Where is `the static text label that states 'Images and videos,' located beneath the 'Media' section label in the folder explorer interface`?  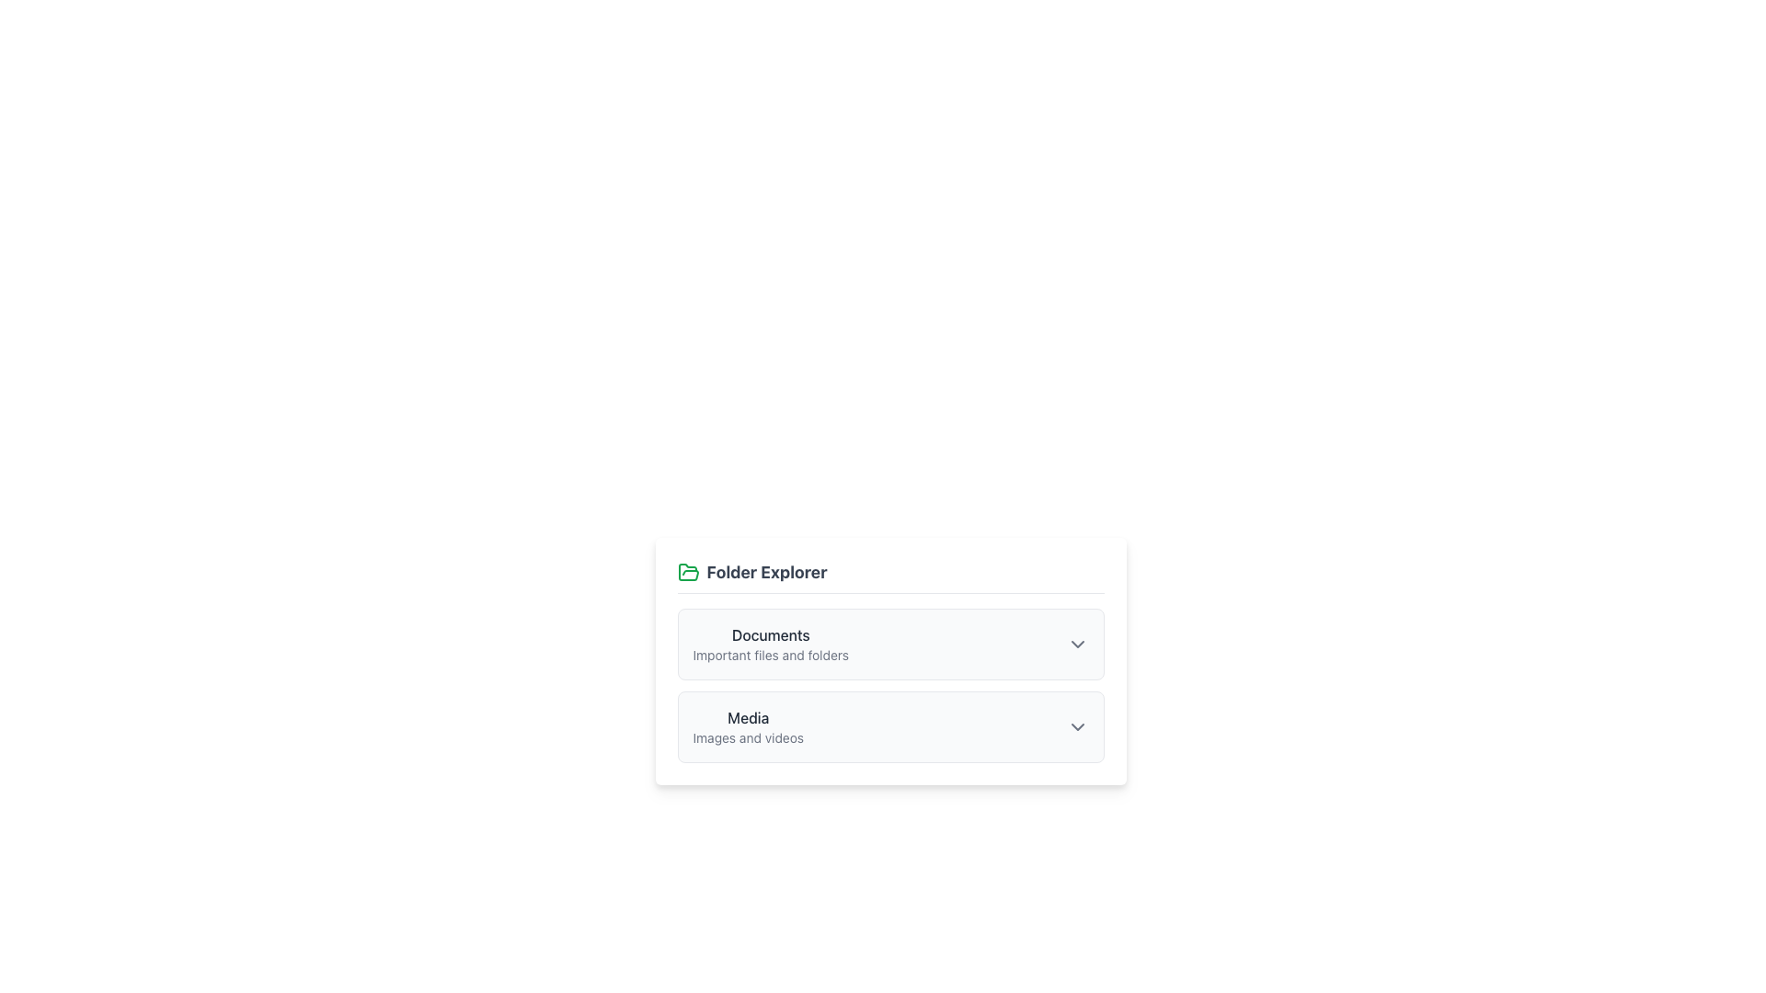
the static text label that states 'Images and videos,' located beneath the 'Media' section label in the folder explorer interface is located at coordinates (748, 736).